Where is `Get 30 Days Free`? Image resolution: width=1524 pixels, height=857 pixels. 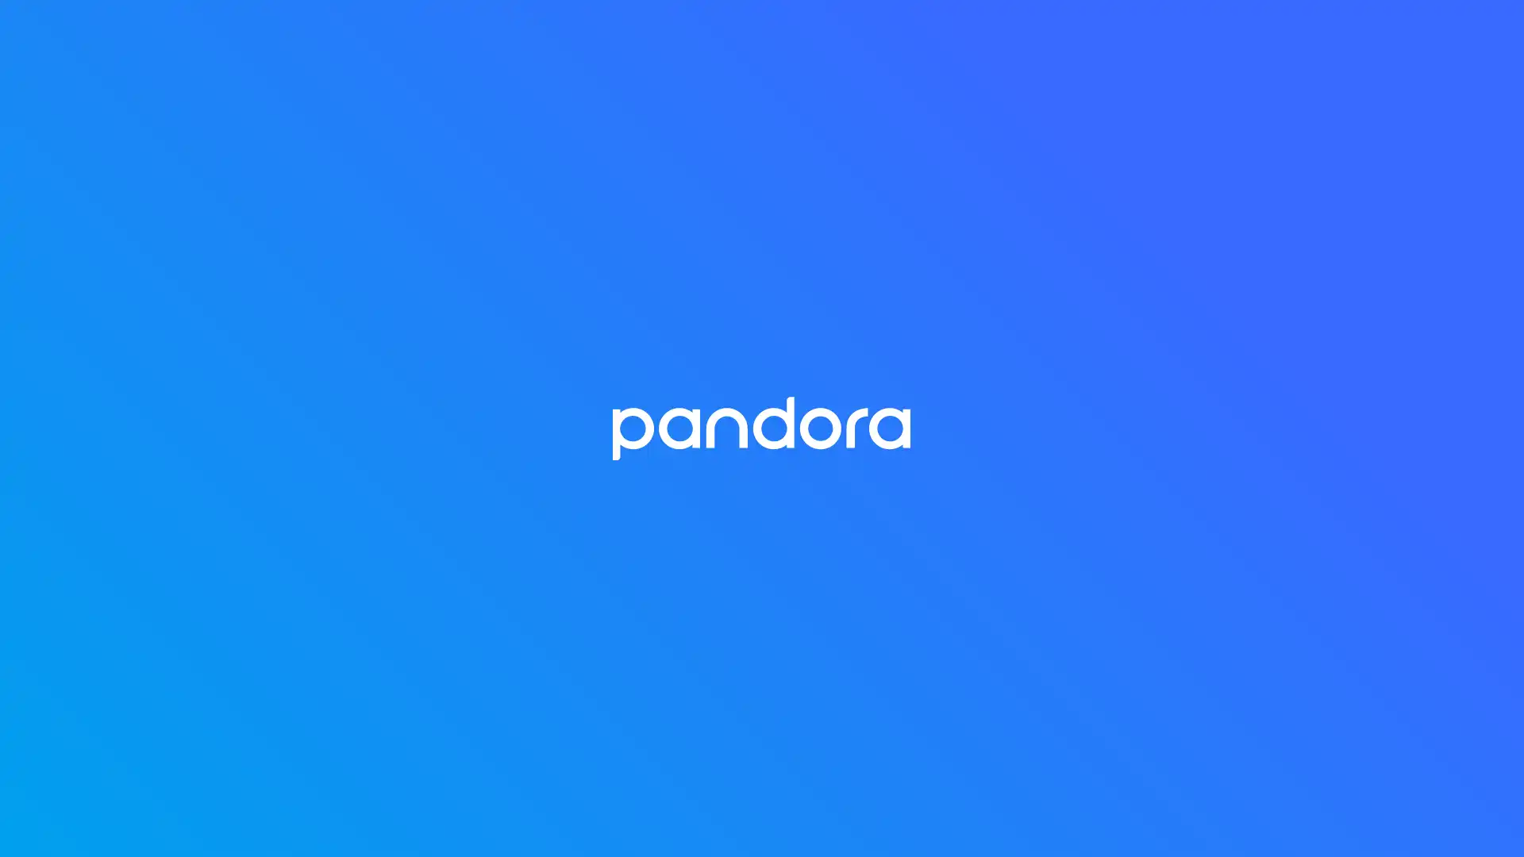 Get 30 Days Free is located at coordinates (618, 264).